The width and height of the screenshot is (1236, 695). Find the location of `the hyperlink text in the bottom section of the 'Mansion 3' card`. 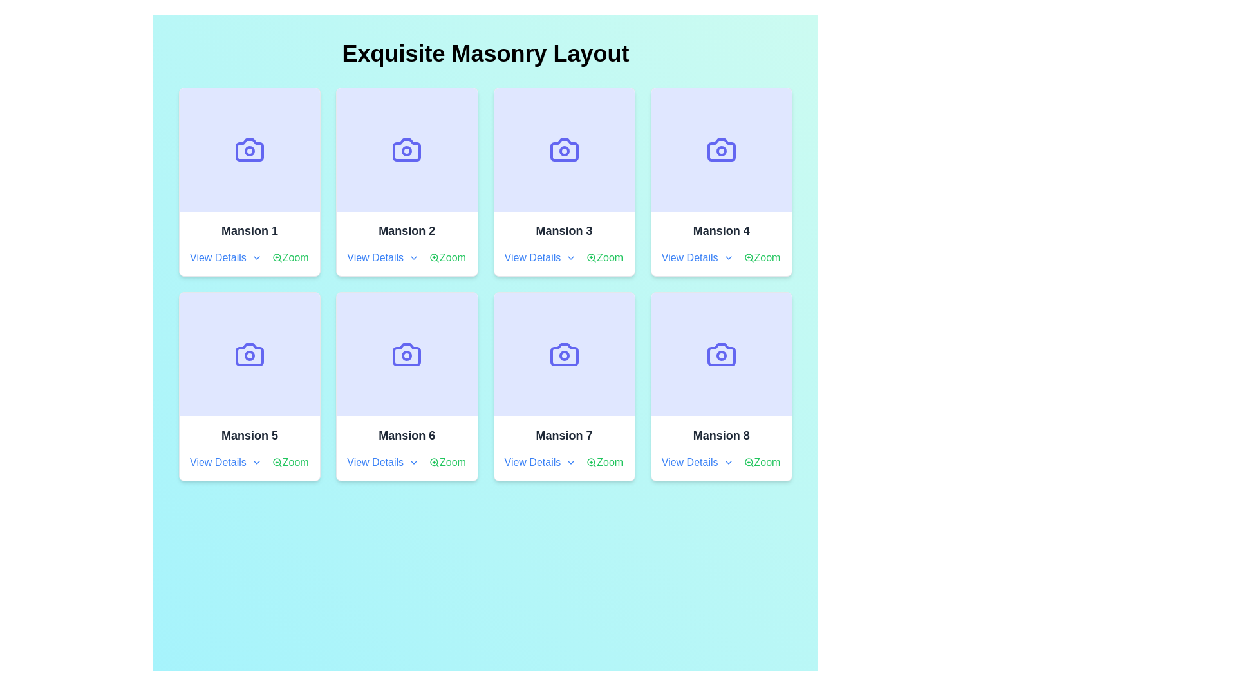

the hyperlink text in the bottom section of the 'Mansion 3' card is located at coordinates (540, 258).